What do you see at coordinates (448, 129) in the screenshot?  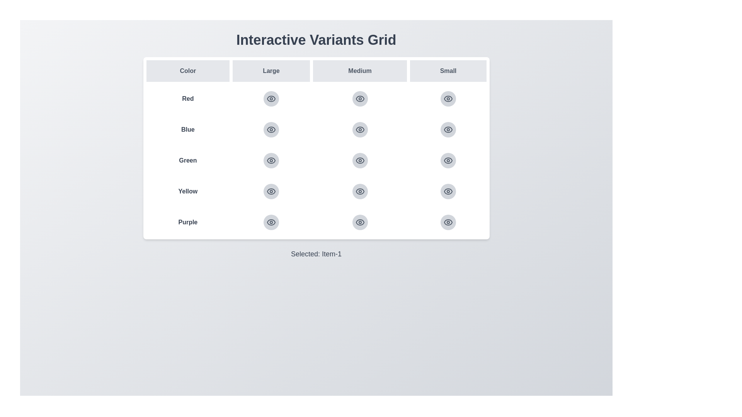 I see `the circular icon-button with a light gray background and a dark gray eye symbol located in the bottom-right corner of the grid` at bounding box center [448, 129].